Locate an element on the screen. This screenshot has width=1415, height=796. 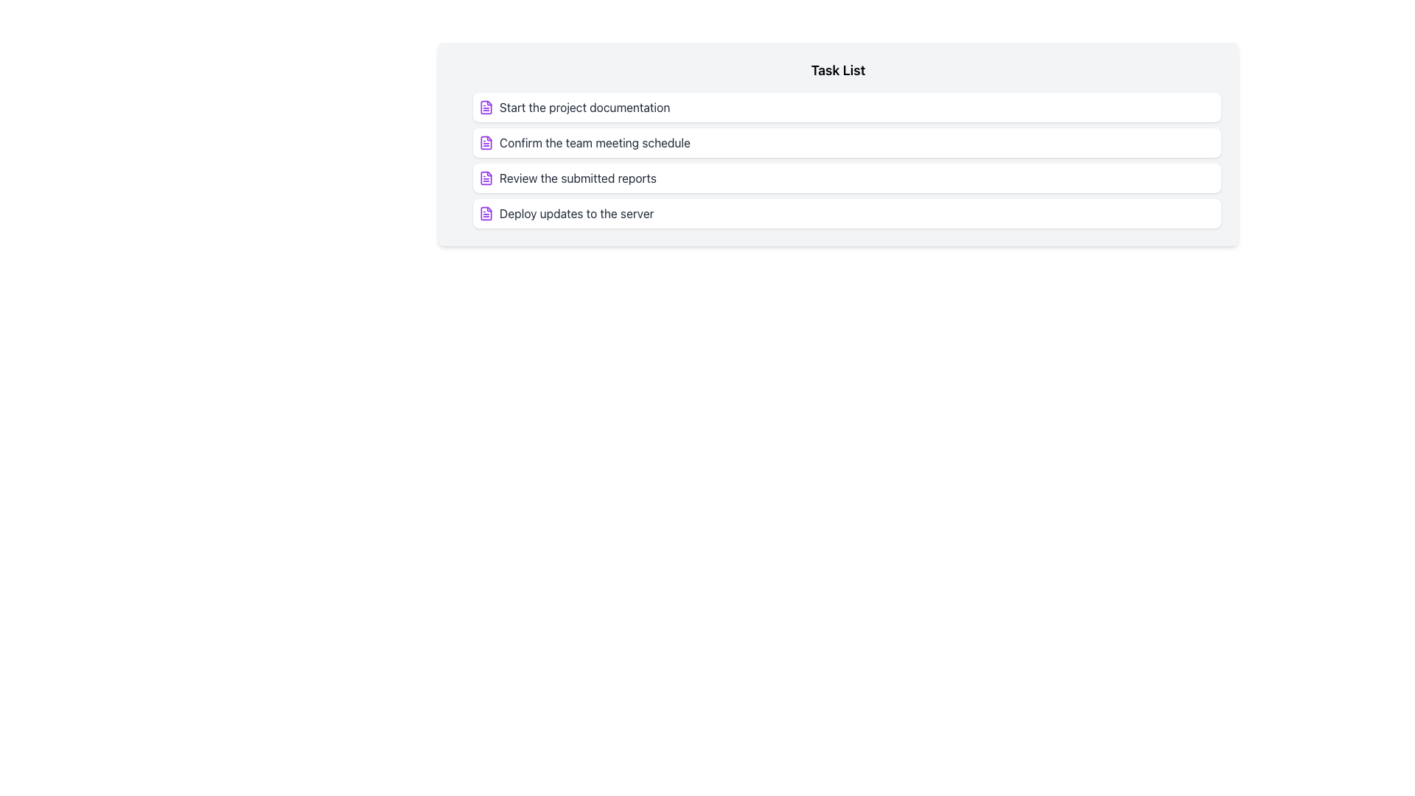
text content of the label that says 'Review the submitted reports', which is the third item in the vertically aligned task list, styled with a dark gray color and positioned within a rounded white background is located at coordinates (577, 178).